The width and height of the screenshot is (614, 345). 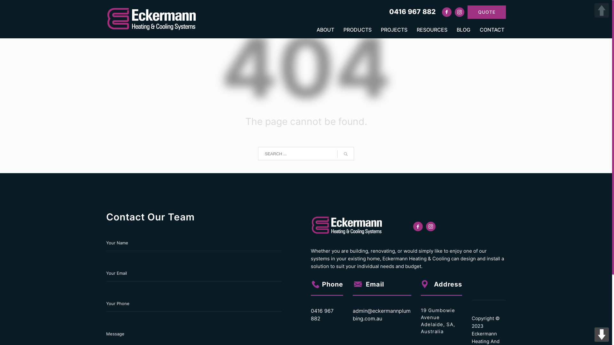 What do you see at coordinates (313, 29) in the screenshot?
I see `'ABOUT'` at bounding box center [313, 29].